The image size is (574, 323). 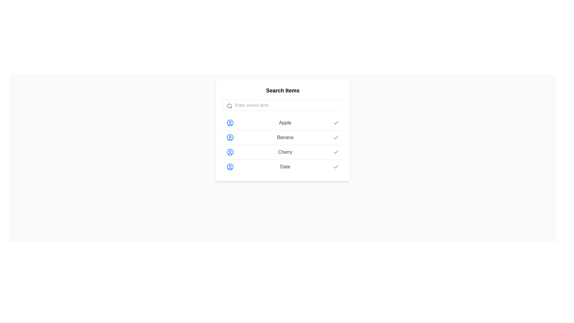 What do you see at coordinates (282, 137) in the screenshot?
I see `the list item representing 'Banana', which is the second item in a vertically stacked list and has a green checkmark indicating its selection status` at bounding box center [282, 137].